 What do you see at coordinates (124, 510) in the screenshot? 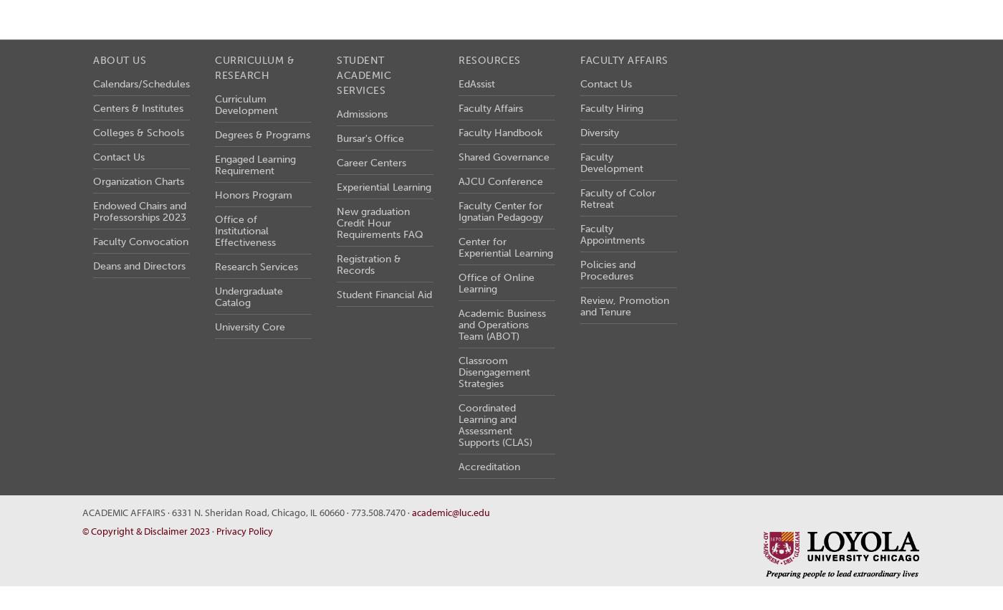
I see `'Academic Affairs'` at bounding box center [124, 510].